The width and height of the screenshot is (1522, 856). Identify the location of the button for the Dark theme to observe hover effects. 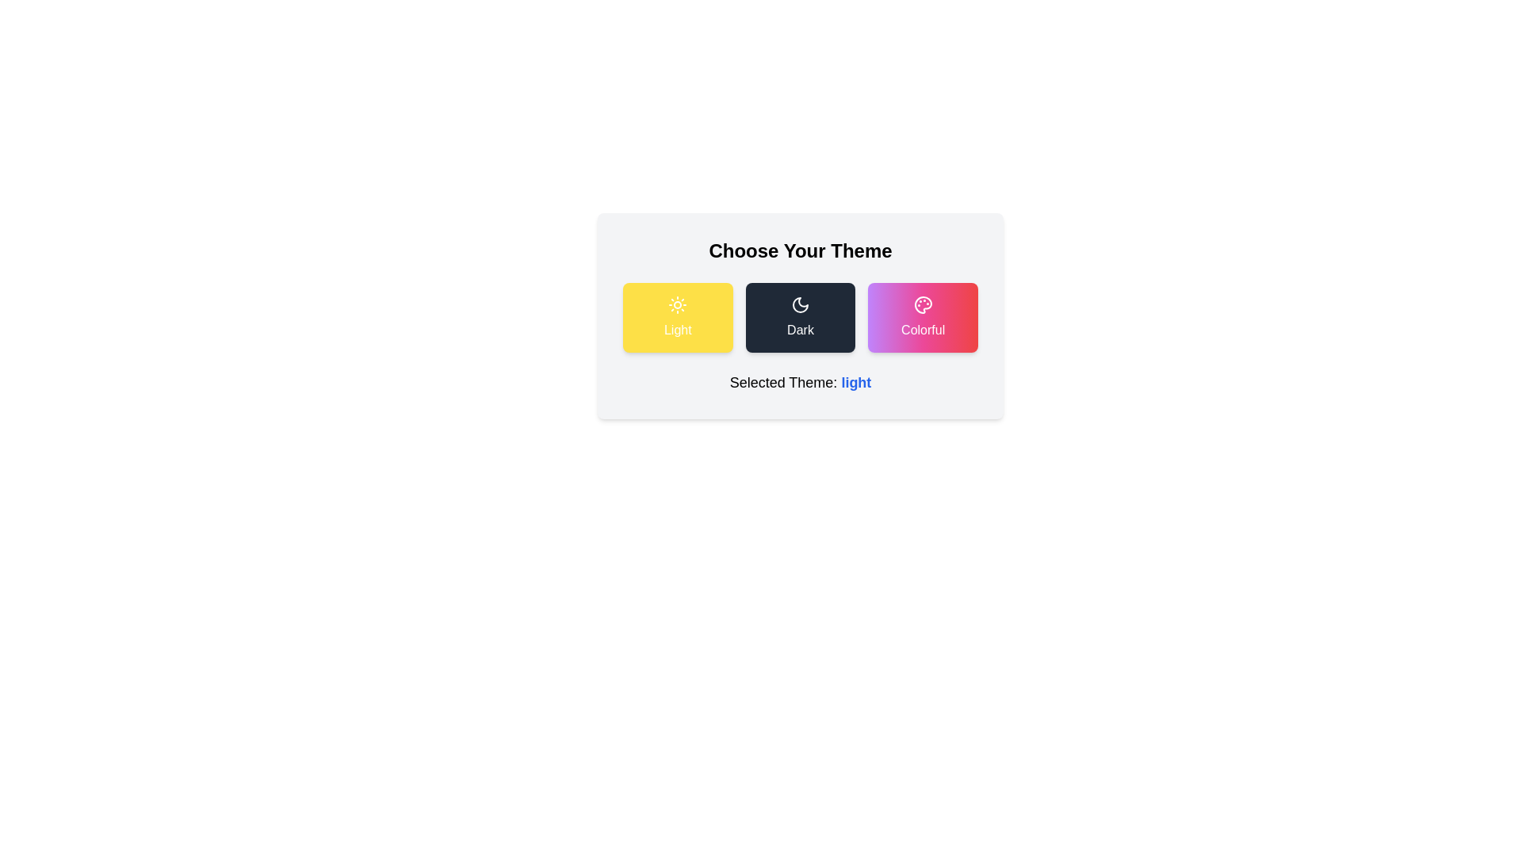
(800, 318).